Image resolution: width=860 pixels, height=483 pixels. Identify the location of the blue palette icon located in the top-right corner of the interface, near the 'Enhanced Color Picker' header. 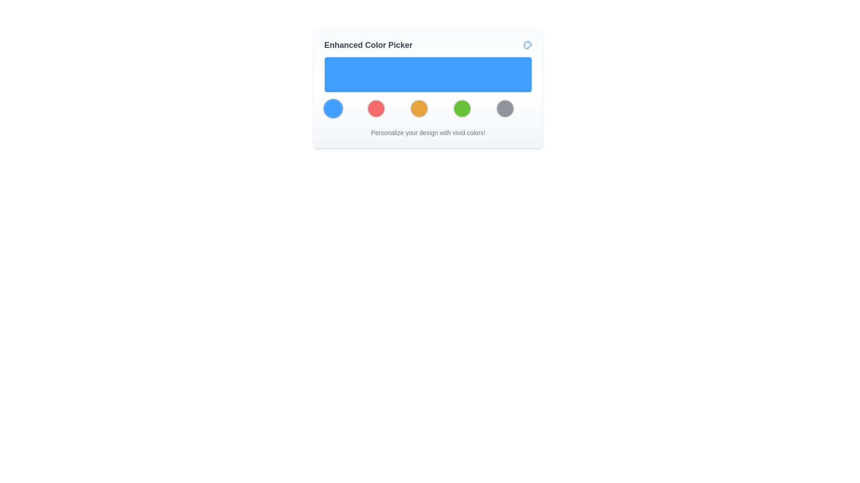
(527, 45).